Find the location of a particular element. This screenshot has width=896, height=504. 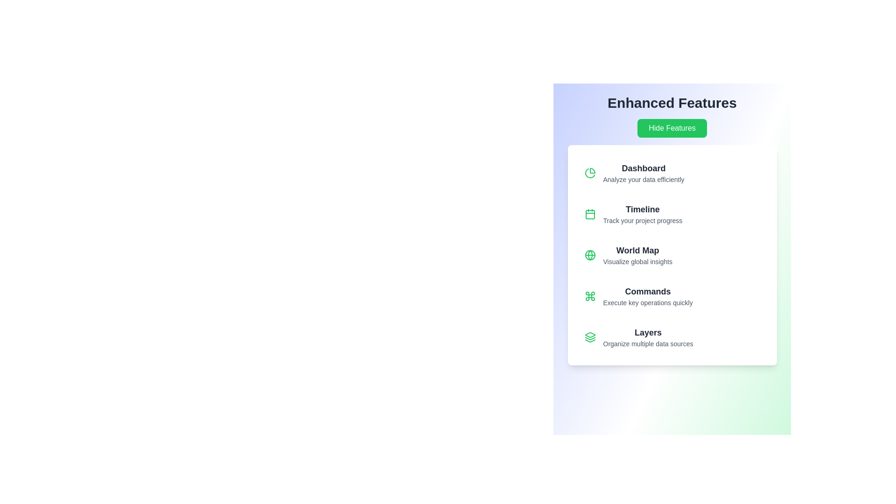

the menu item labeled World Map is located at coordinates (672, 255).